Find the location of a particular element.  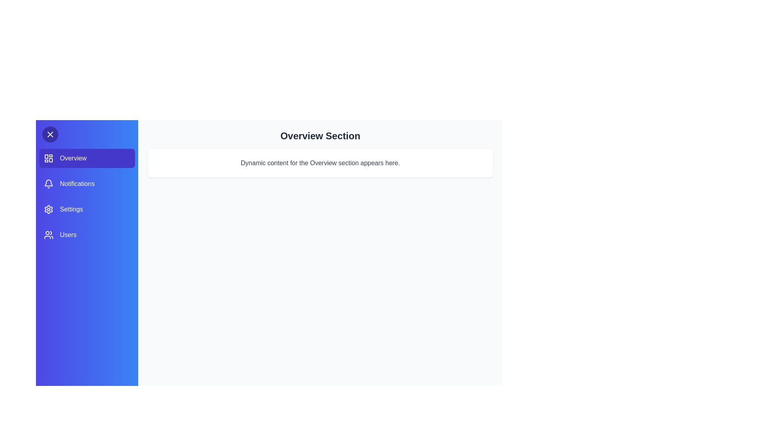

the sidebar section Overview is located at coordinates (87, 158).